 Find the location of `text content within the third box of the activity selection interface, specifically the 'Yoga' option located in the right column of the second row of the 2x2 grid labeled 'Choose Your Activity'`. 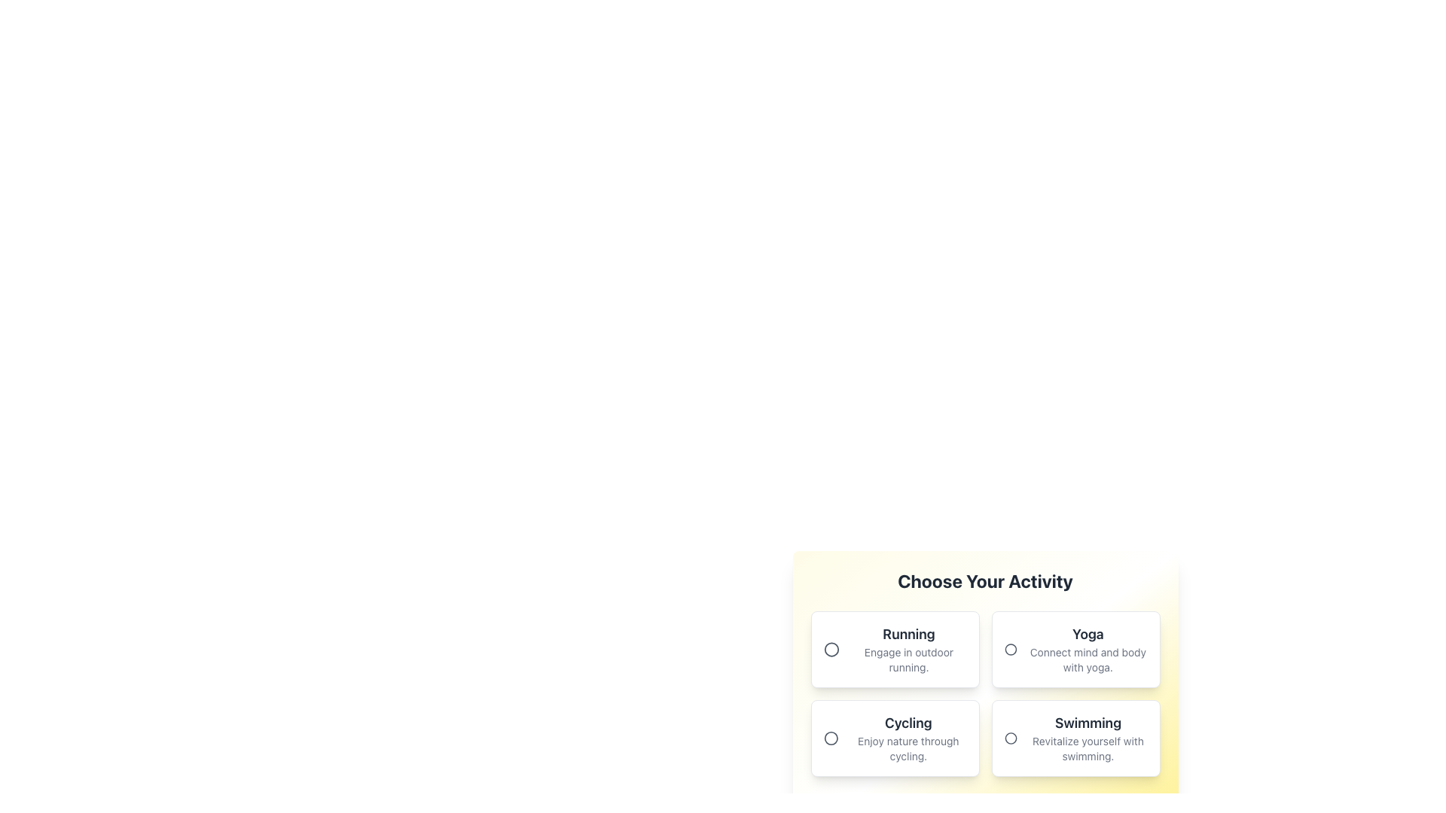

text content within the third box of the activity selection interface, specifically the 'Yoga' option located in the right column of the second row of the 2x2 grid labeled 'Choose Your Activity' is located at coordinates (1088, 649).